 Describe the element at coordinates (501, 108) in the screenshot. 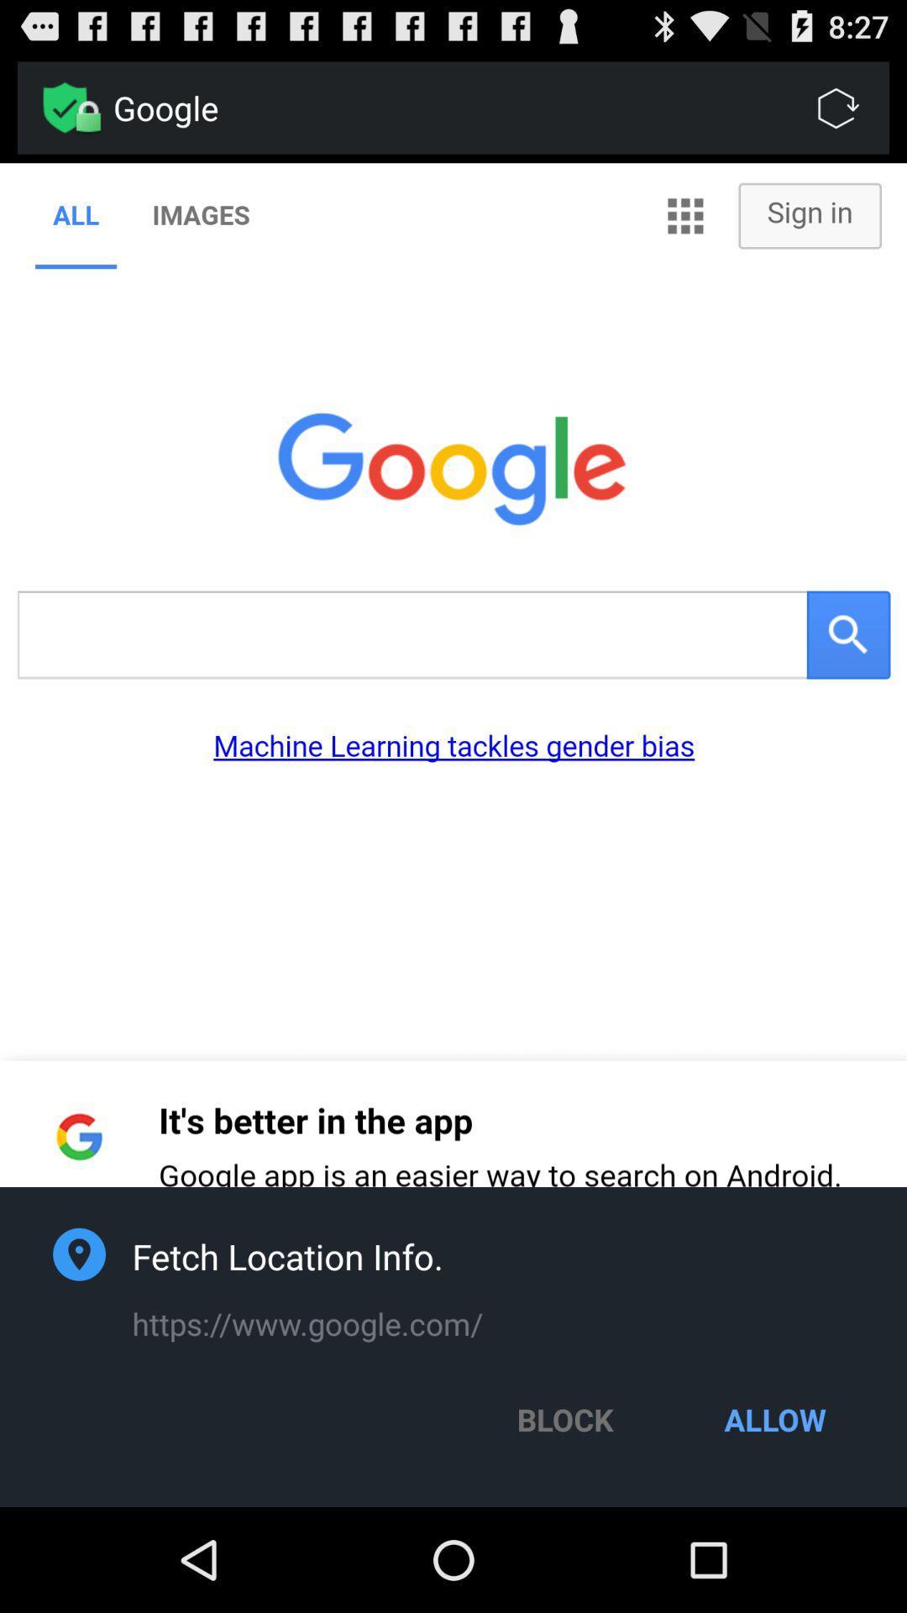

I see `the google option` at that location.